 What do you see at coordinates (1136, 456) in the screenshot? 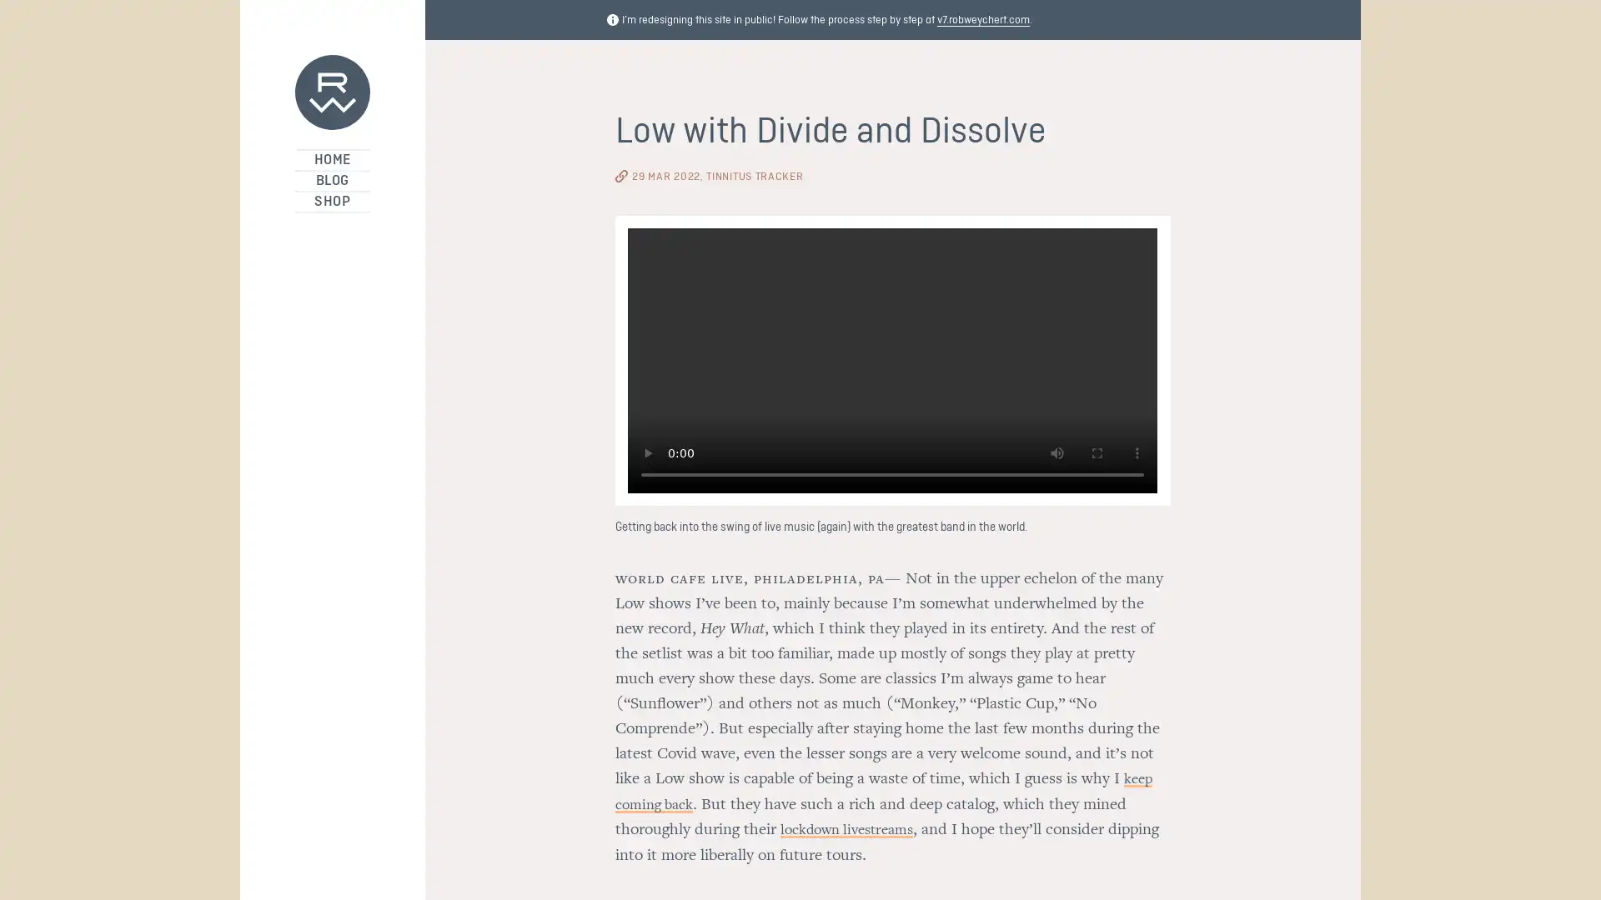
I see `show more media controls` at bounding box center [1136, 456].